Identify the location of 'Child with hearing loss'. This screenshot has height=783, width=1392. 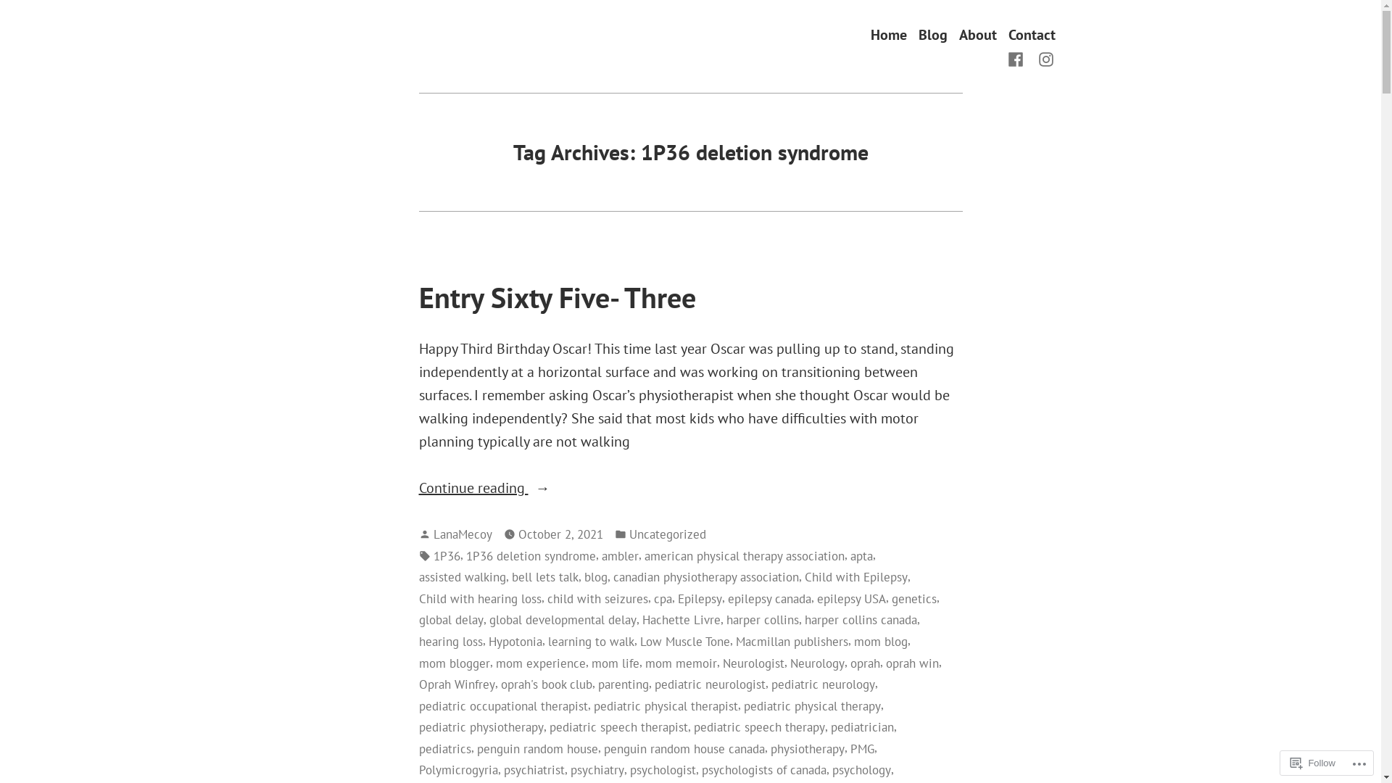
(480, 598).